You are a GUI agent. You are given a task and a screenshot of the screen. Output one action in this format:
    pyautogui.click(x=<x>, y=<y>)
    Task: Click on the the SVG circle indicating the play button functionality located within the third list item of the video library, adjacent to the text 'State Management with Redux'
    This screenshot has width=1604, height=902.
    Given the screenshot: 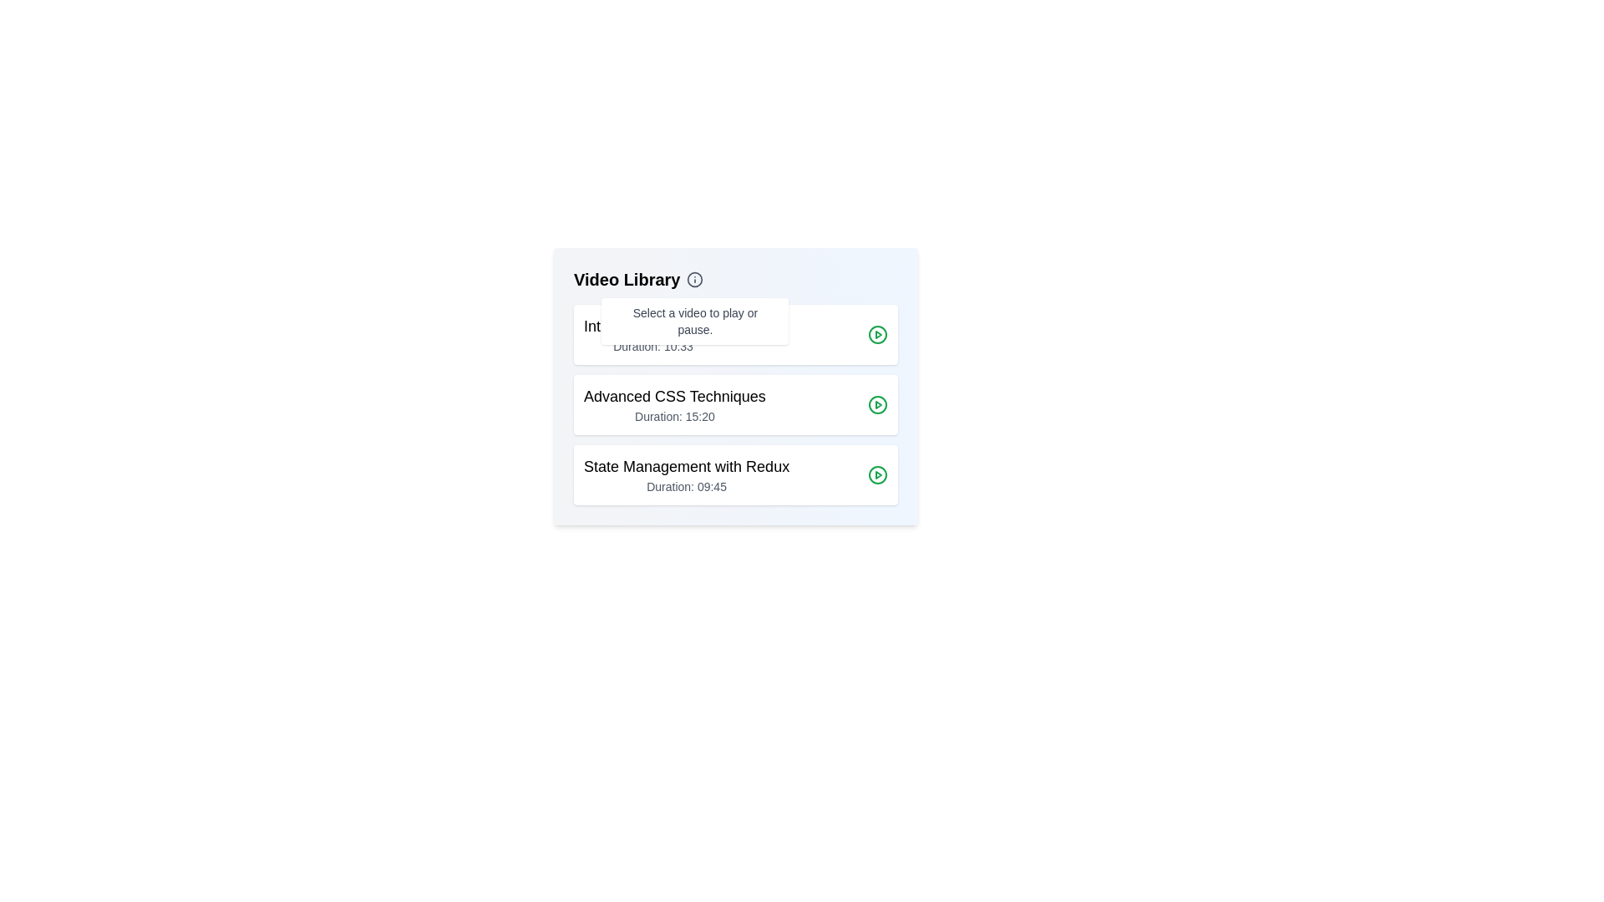 What is the action you would take?
    pyautogui.click(x=877, y=475)
    